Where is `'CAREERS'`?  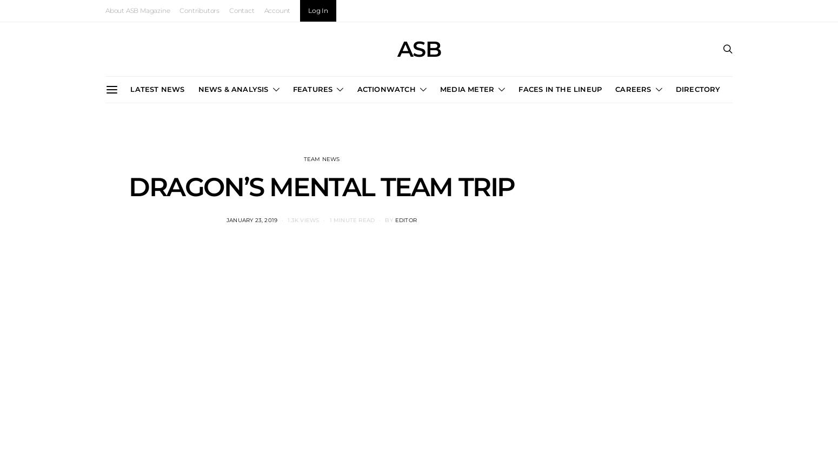
'CAREERS' is located at coordinates (633, 88).